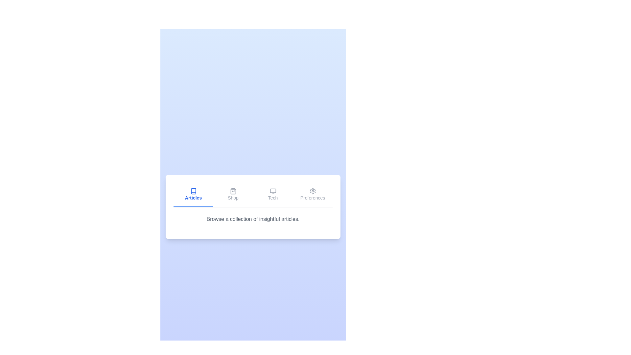  Describe the element at coordinates (193, 194) in the screenshot. I see `the tab labeled Articles to select it` at that location.